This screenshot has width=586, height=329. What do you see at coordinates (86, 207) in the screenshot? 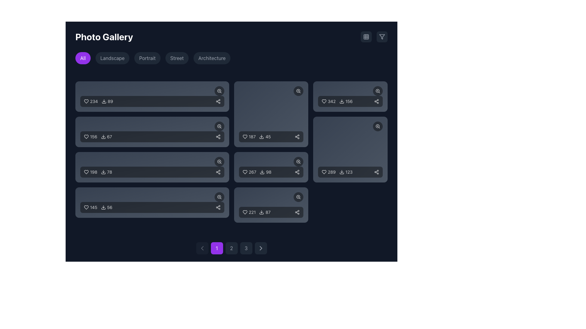
I see `the heart-shaped icon that represents the 'like' or 'favorites' feature located on the left side of the fourth card in the main content grid` at bounding box center [86, 207].